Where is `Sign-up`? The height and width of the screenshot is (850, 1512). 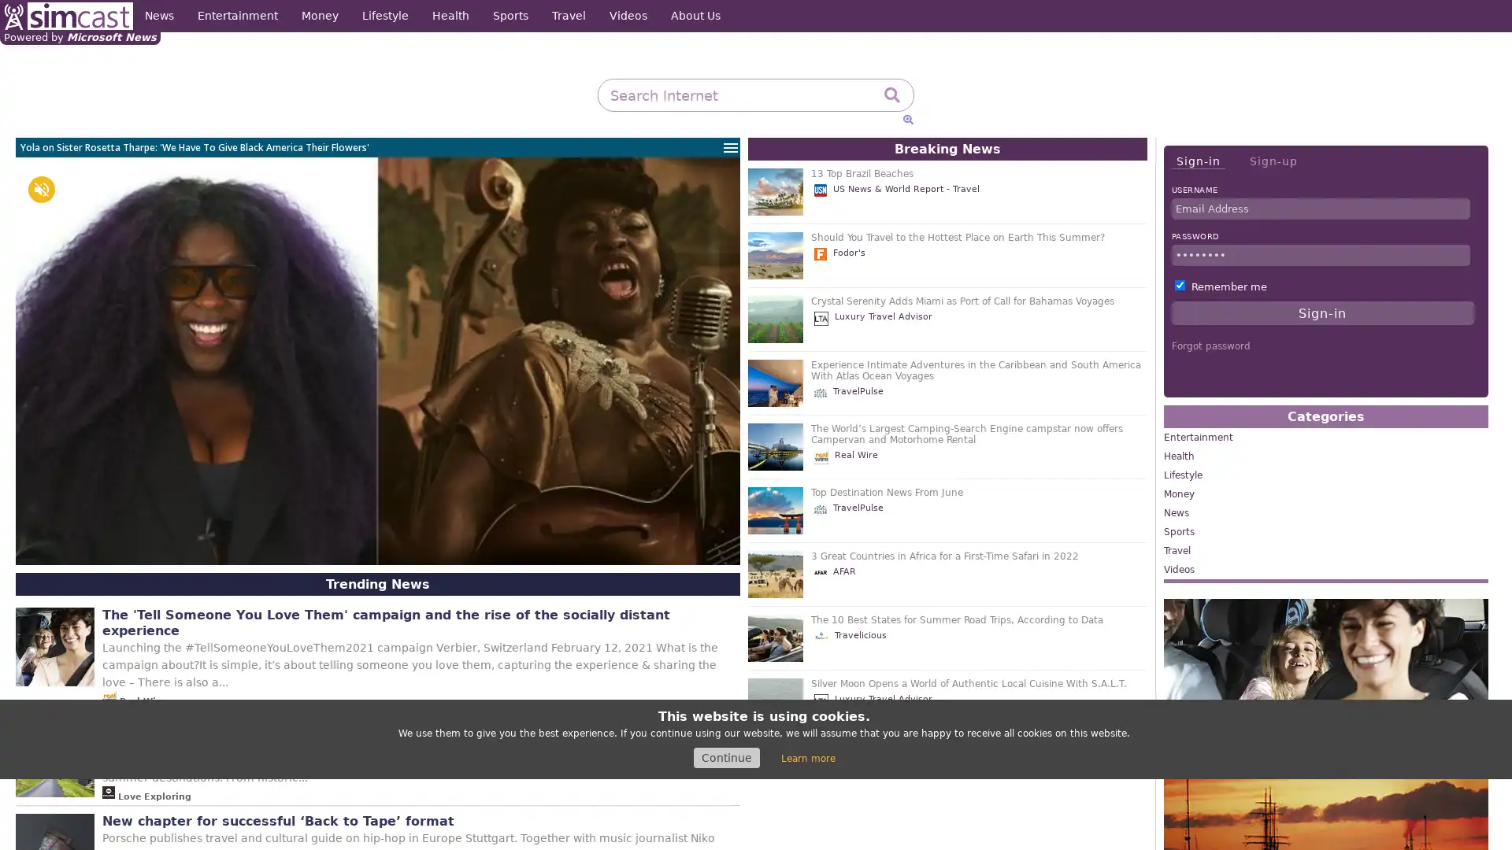
Sign-up is located at coordinates (1273, 161).